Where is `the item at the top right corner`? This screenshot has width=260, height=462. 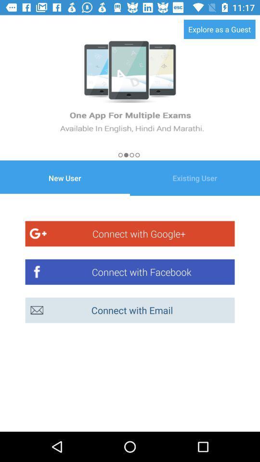 the item at the top right corner is located at coordinates (220, 28).